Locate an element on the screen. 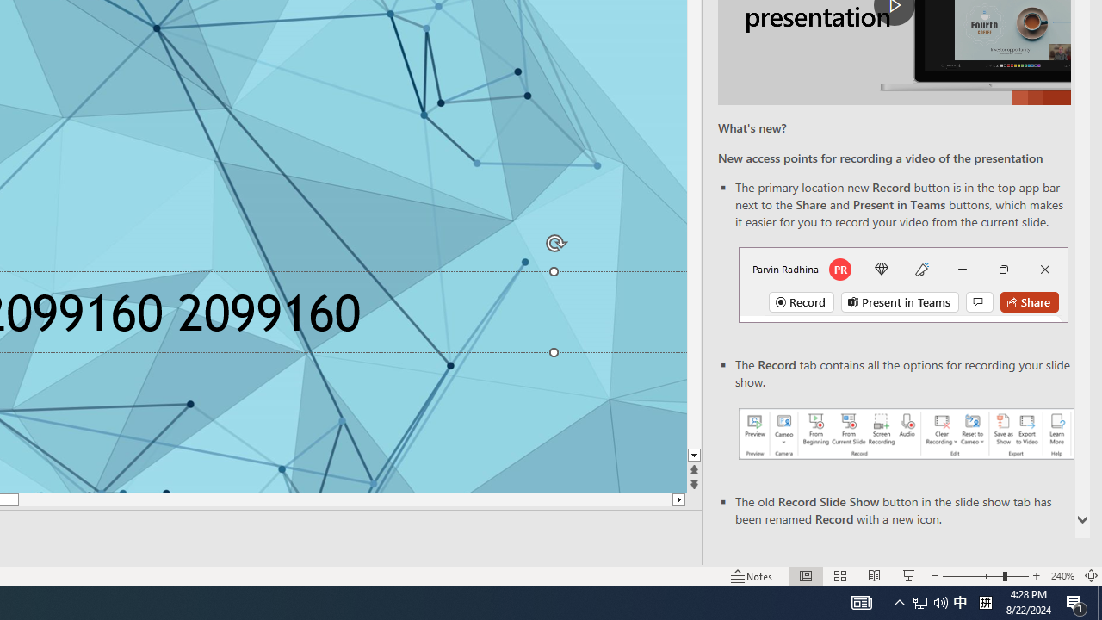 The height and width of the screenshot is (620, 1102). 'Record your presentations screenshot one' is located at coordinates (905, 432).